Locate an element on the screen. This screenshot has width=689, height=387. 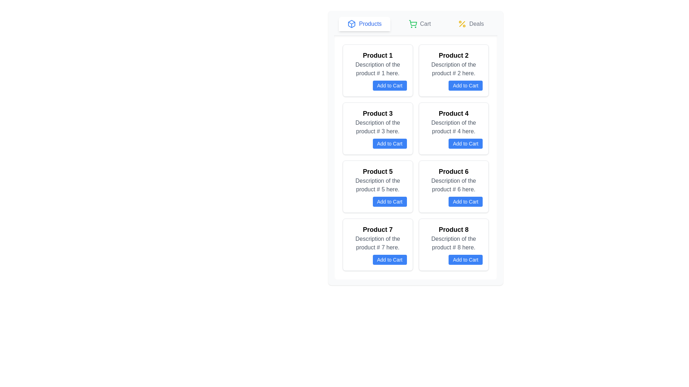
the bold static text label reading 'Product 8' located at the top of the eighth card in the grid layout is located at coordinates (453, 229).